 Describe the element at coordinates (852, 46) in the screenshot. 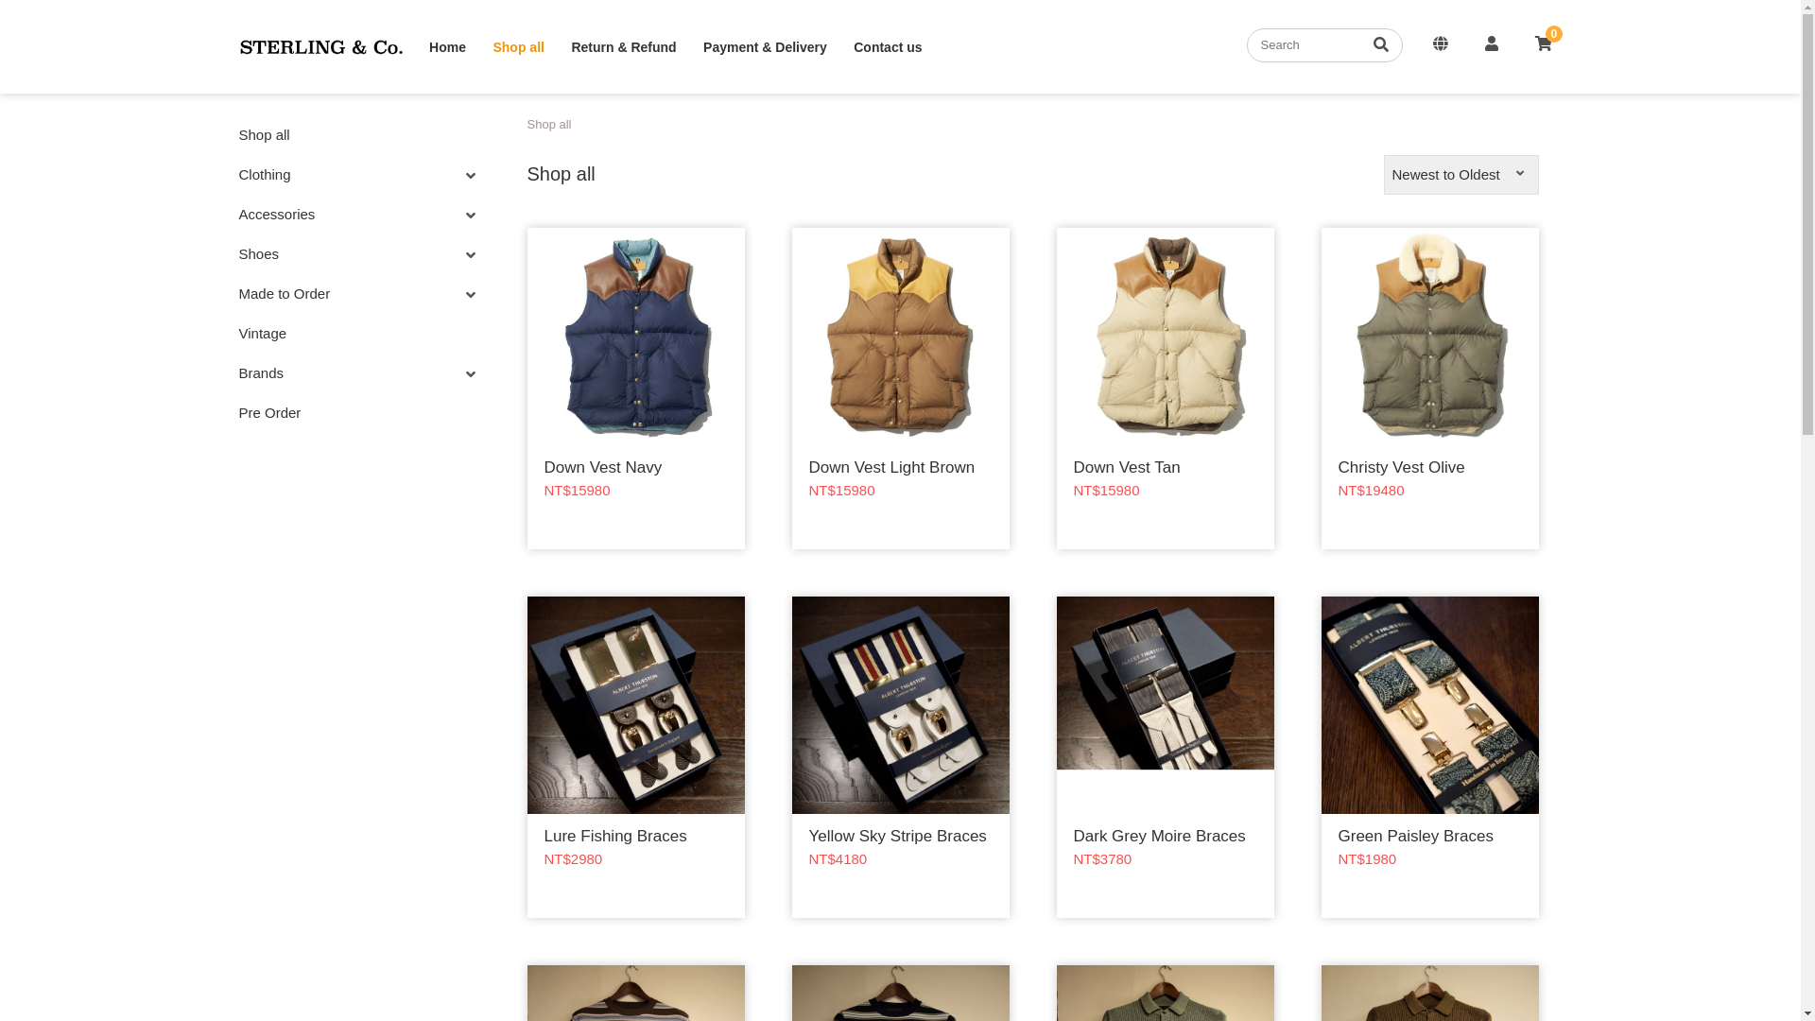

I see `'Contact us'` at that location.